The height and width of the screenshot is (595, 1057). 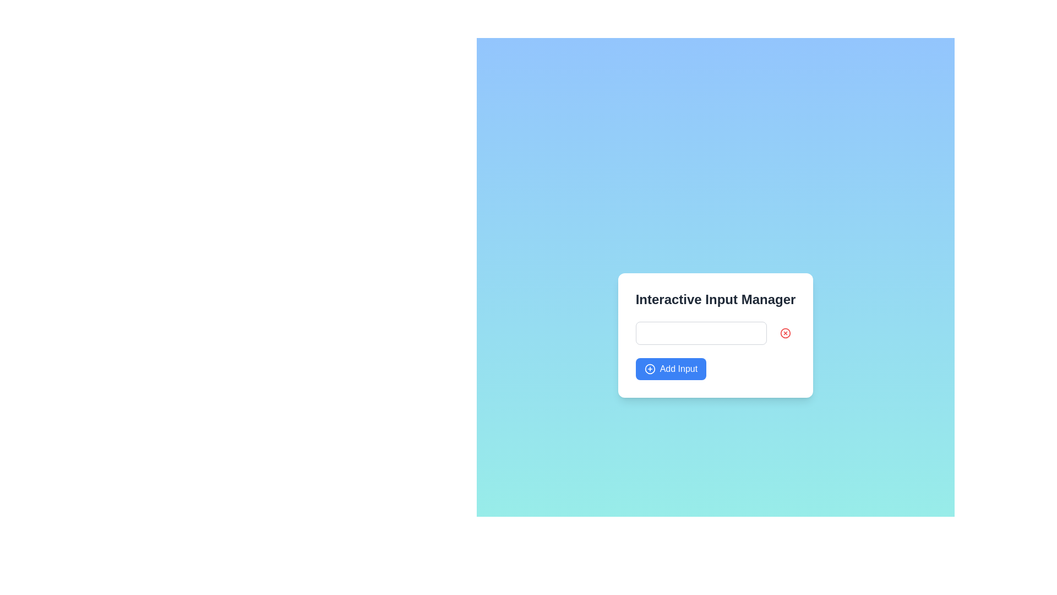 What do you see at coordinates (670, 369) in the screenshot?
I see `the rectangular blue button labeled 'Add Input' with a white plus icon` at bounding box center [670, 369].